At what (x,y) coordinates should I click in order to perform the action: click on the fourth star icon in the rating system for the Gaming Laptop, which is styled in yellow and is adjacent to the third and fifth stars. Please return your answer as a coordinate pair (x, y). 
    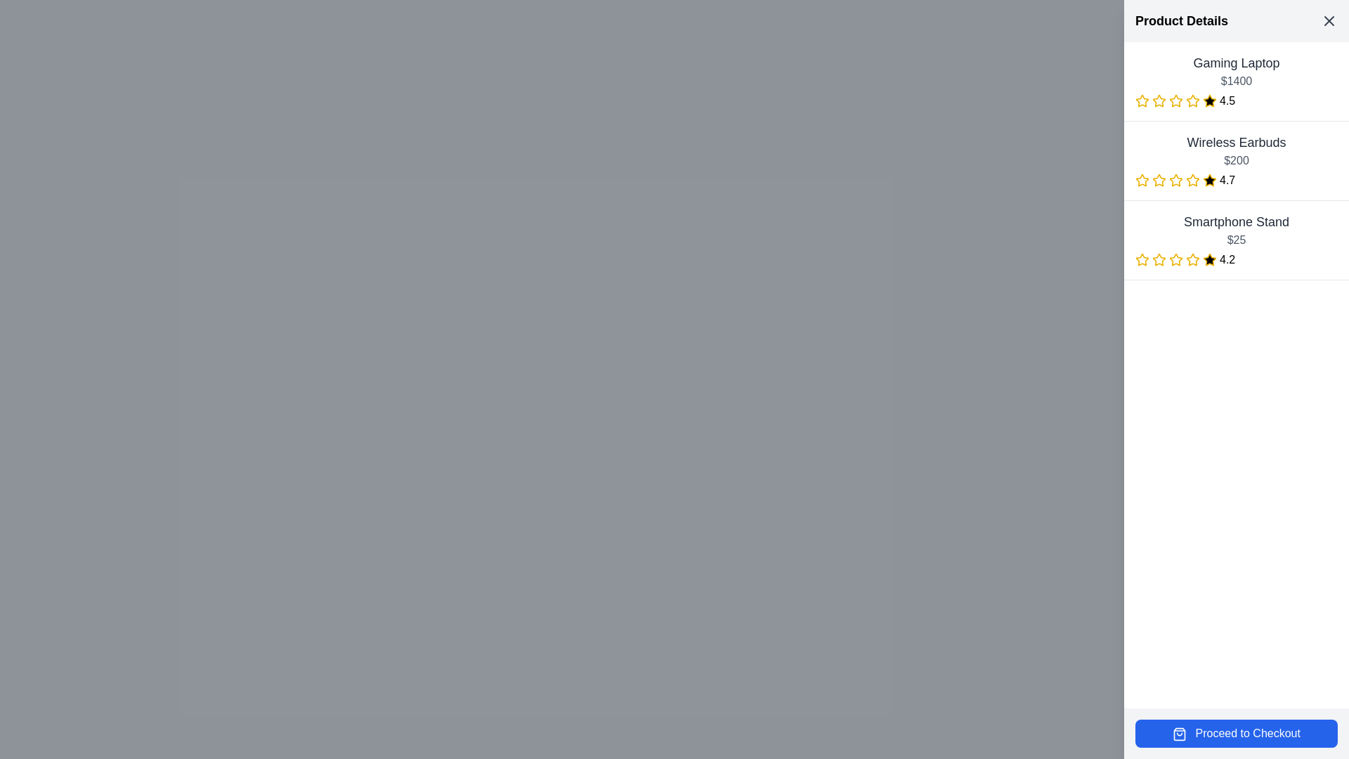
    Looking at the image, I should click on (1176, 100).